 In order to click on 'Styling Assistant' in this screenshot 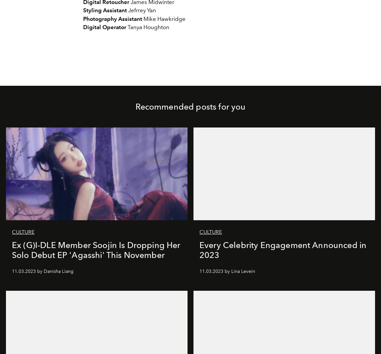, I will do `click(105, 10)`.